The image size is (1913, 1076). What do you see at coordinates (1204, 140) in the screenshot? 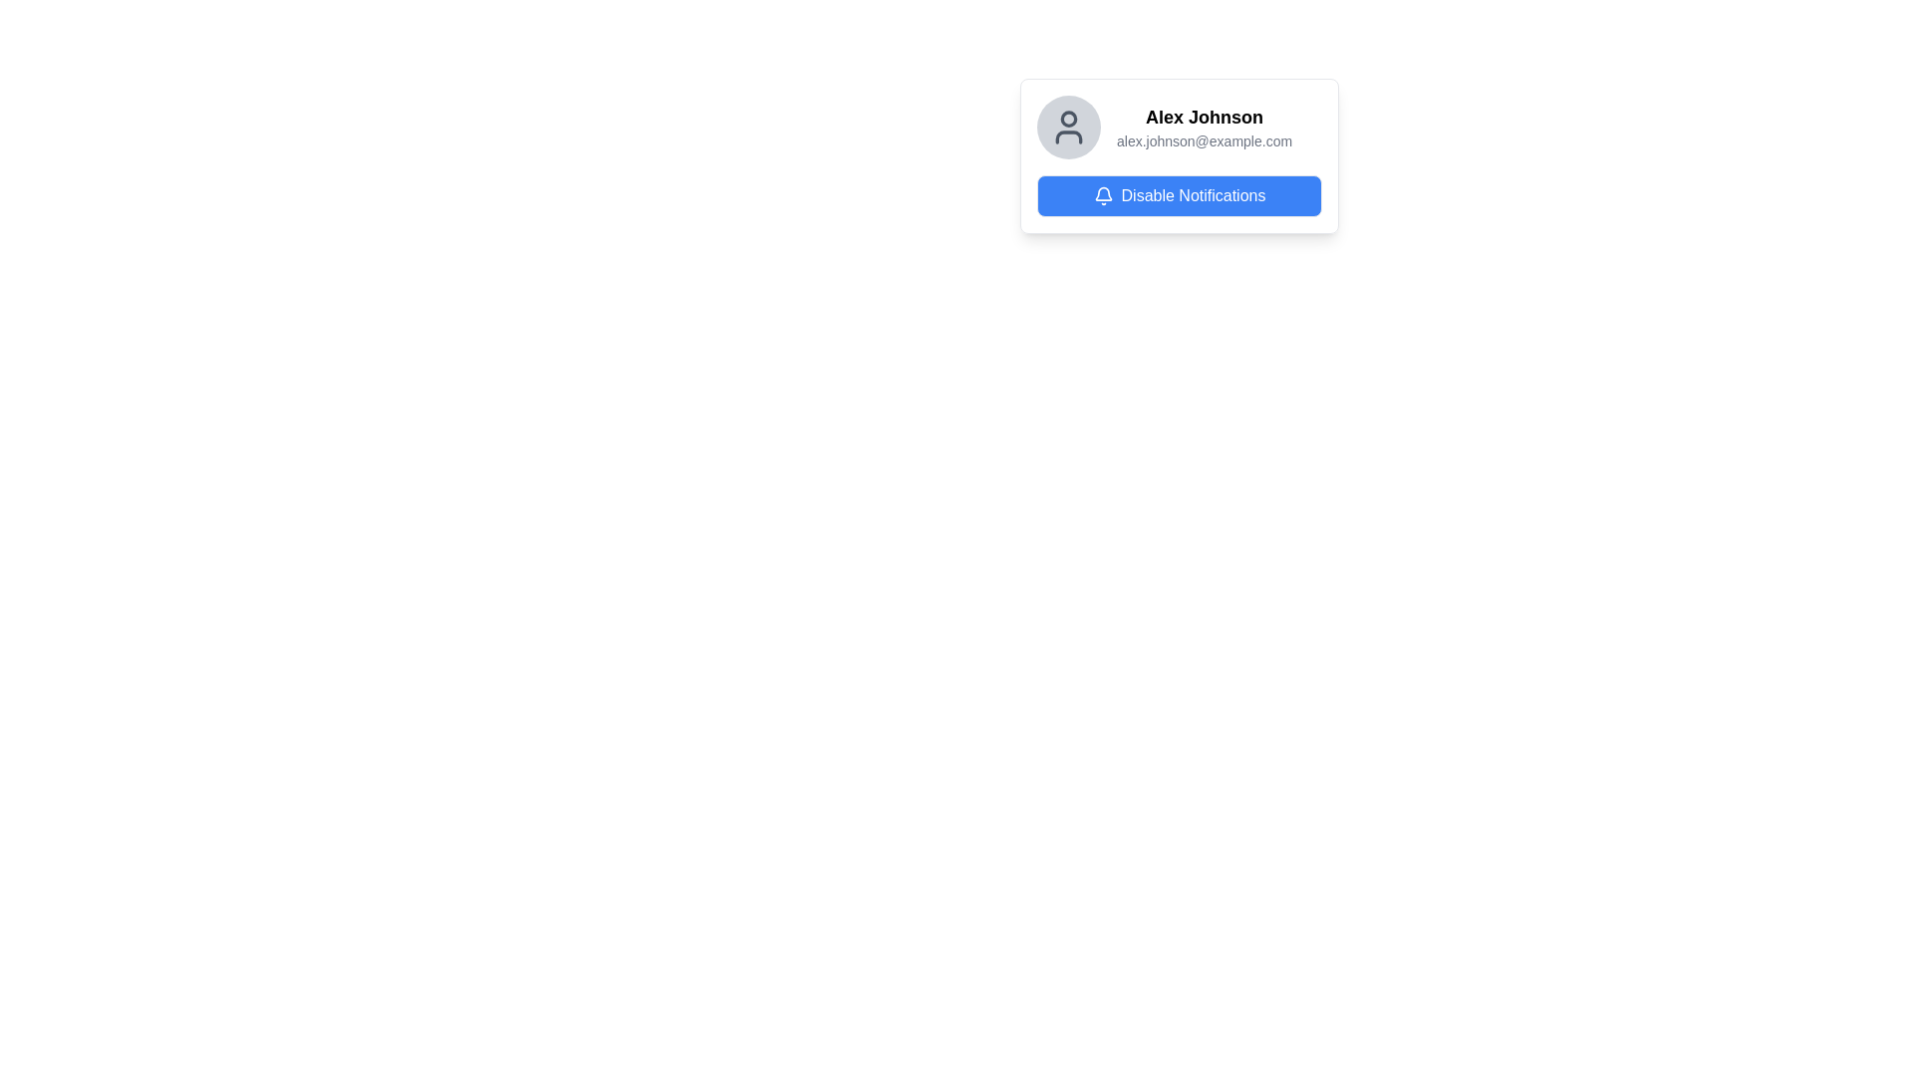
I see `the text element displaying the user's email address, located below the 'Alex Johnson' text in the user profile card` at bounding box center [1204, 140].